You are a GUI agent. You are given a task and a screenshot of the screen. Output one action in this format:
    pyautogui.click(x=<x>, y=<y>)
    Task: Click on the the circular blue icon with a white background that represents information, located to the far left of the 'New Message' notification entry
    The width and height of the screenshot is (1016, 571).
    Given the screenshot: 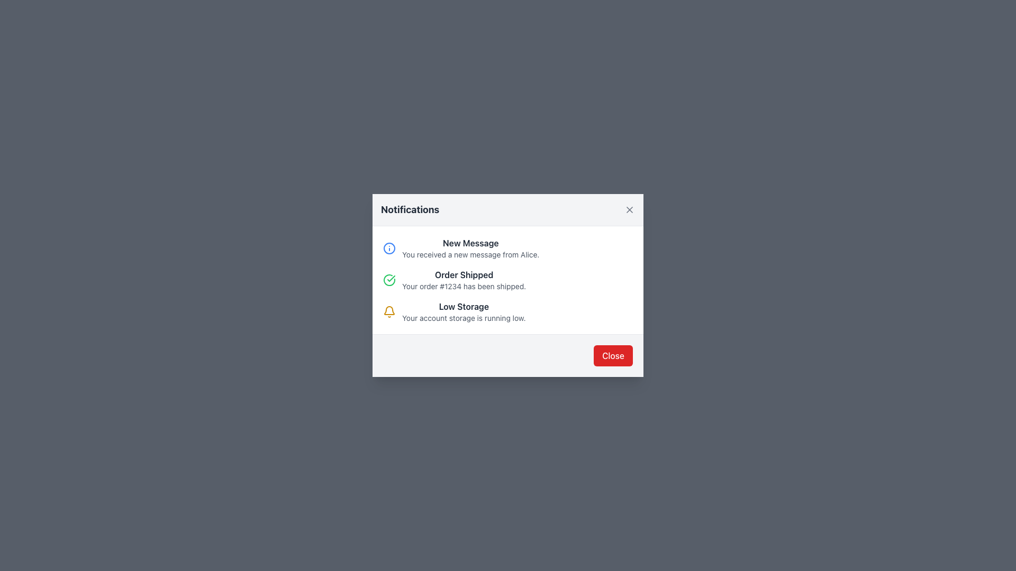 What is the action you would take?
    pyautogui.click(x=388, y=248)
    